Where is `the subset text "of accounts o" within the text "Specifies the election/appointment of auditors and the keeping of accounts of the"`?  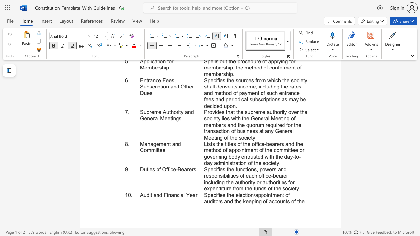 the subset text "of accounts o" within the text "Specifies the election/appointment of auditors and the keeping of accounts of the" is located at coordinates (263, 201).